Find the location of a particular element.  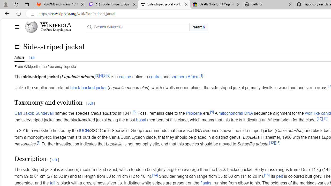

'IUCN' is located at coordinates (84, 130).